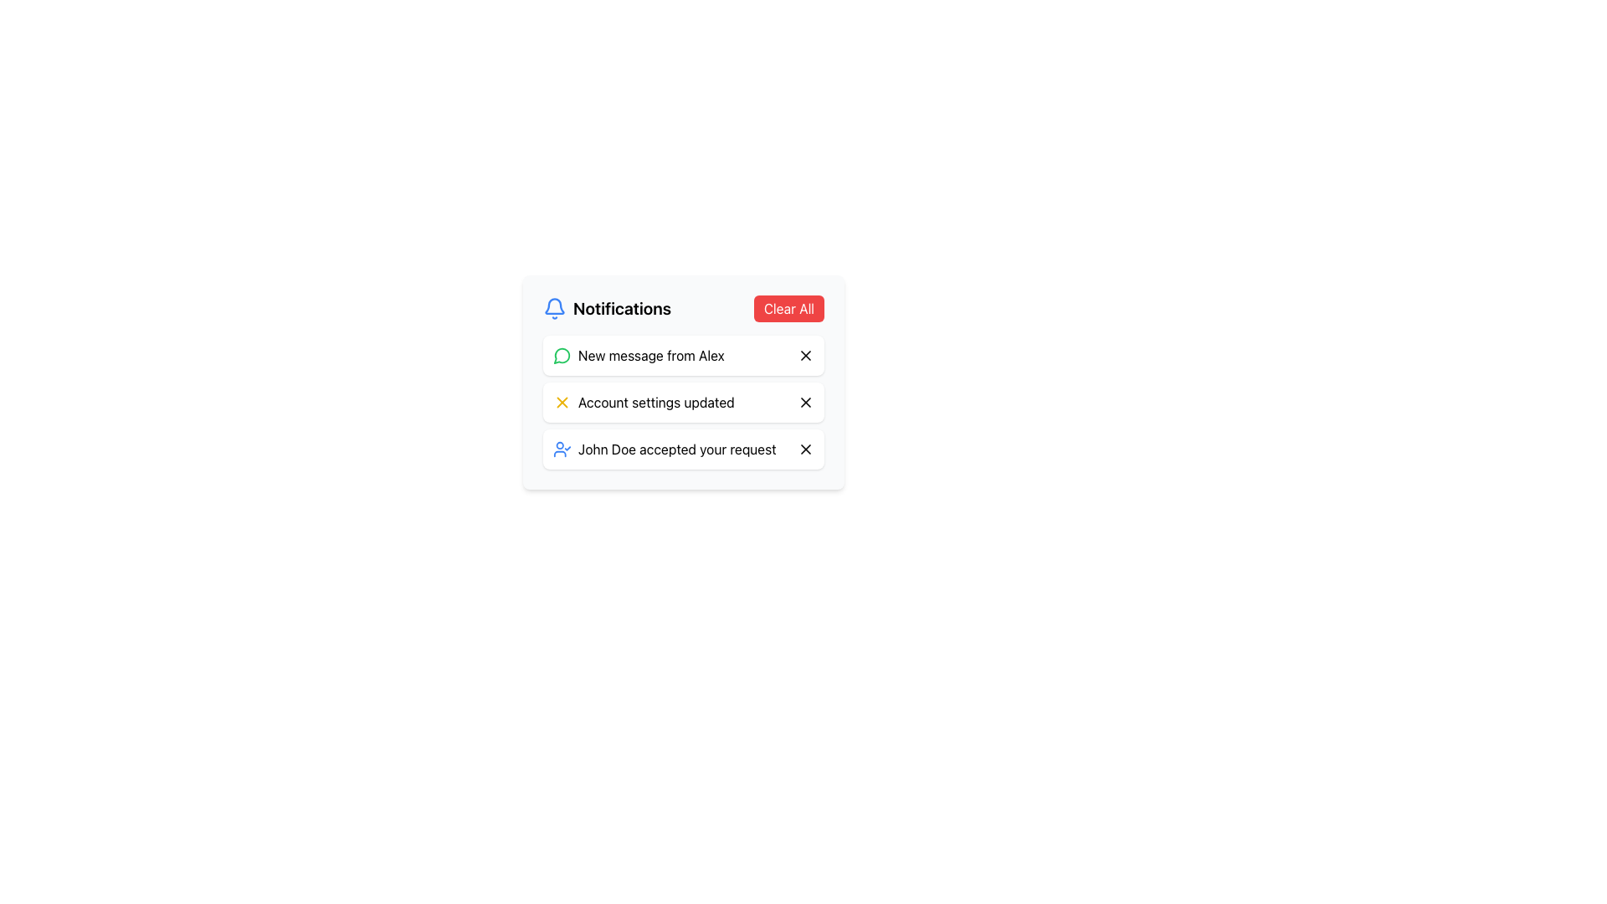 The width and height of the screenshot is (1607, 904). Describe the element at coordinates (788, 309) in the screenshot. I see `the 'Clear All' button with a vibrant red background` at that location.